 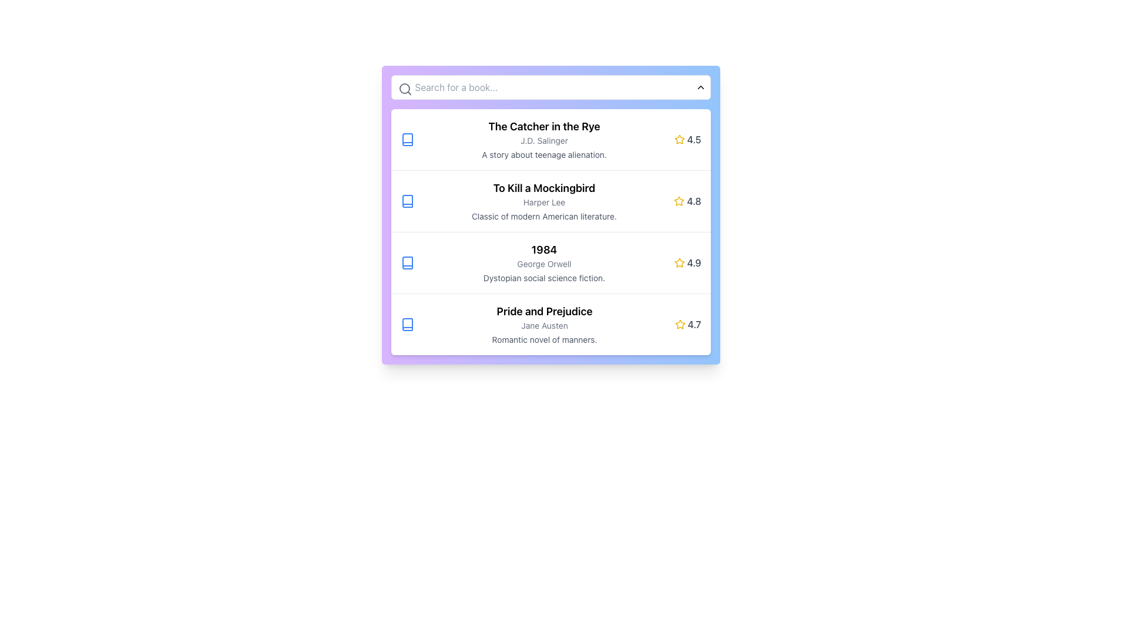 I want to click on the text content block displaying 'The Catcher in the Rye' by J.D. Salinger, which includes a description about teenage alienation, located at the top of the vertical list below the search bar, so click(x=543, y=139).